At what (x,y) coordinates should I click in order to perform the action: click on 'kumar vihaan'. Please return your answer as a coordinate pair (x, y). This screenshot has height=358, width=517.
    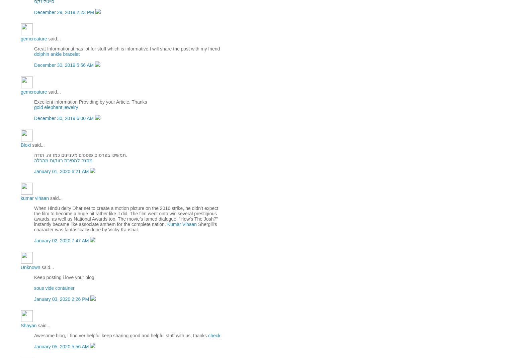
    Looking at the image, I should click on (34, 198).